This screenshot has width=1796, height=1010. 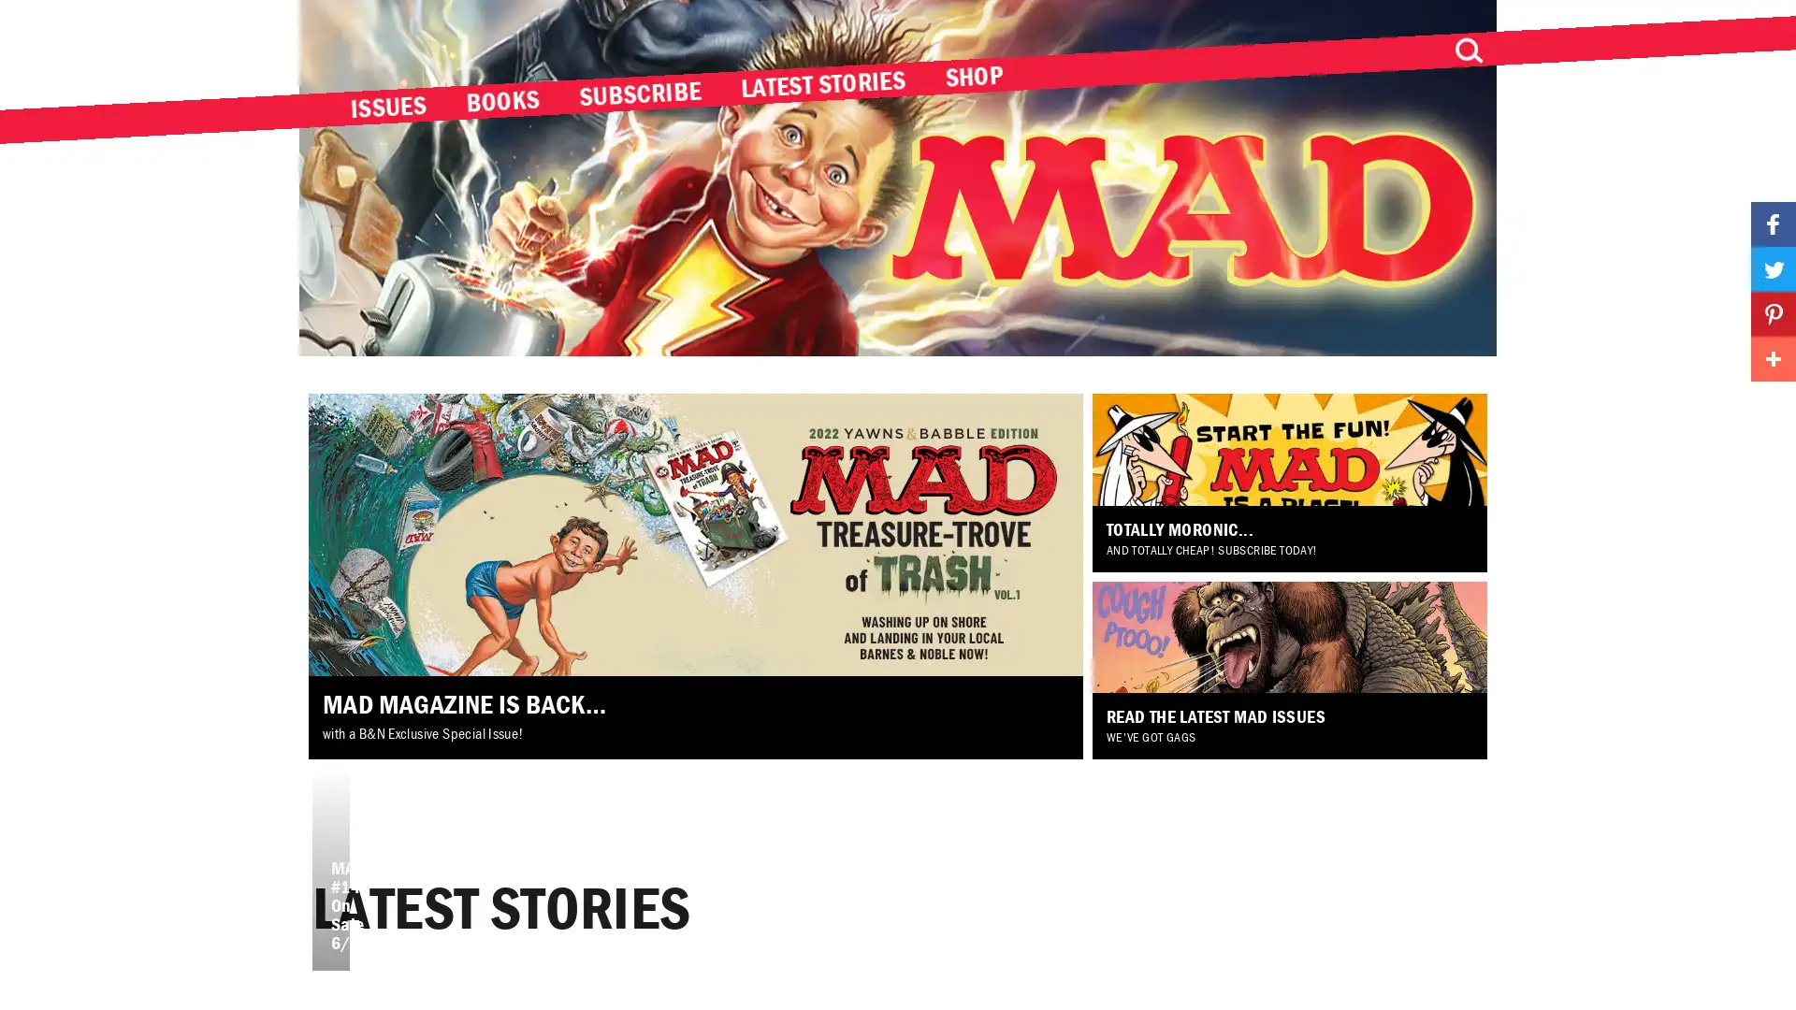 What do you see at coordinates (1467, 50) in the screenshot?
I see `go` at bounding box center [1467, 50].